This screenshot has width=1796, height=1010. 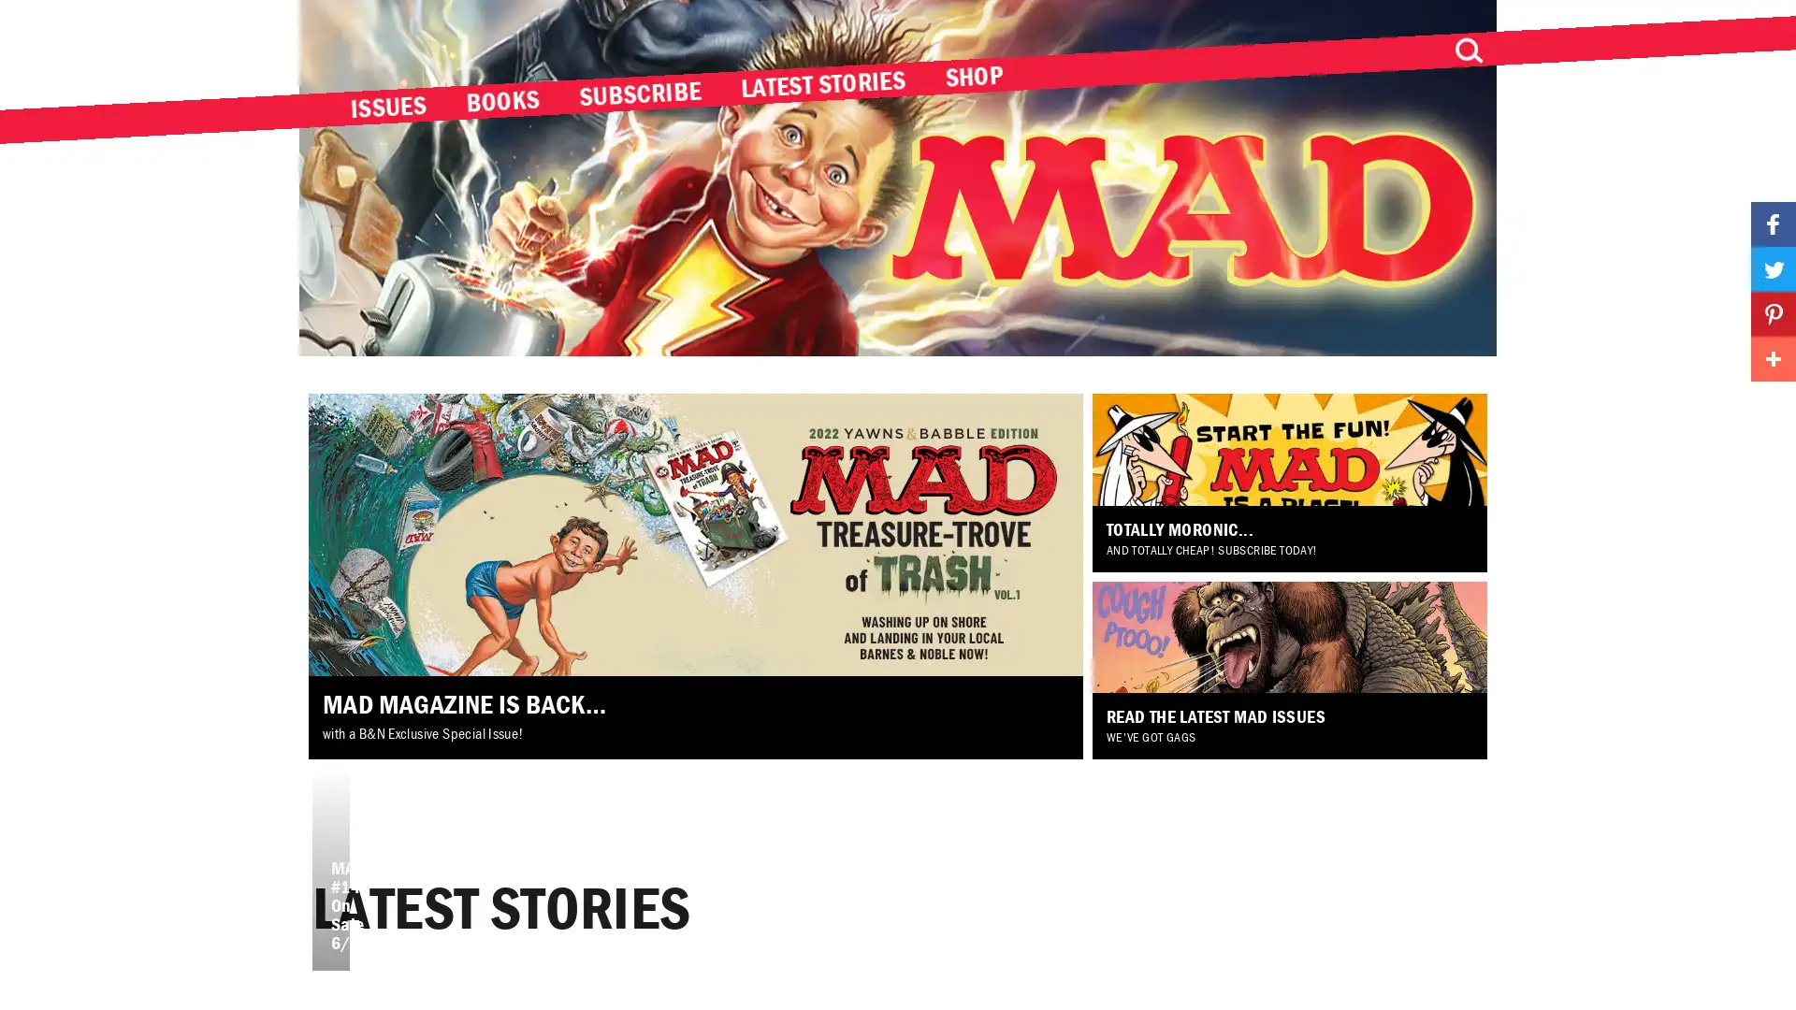 What do you see at coordinates (1467, 50) in the screenshot?
I see `go` at bounding box center [1467, 50].